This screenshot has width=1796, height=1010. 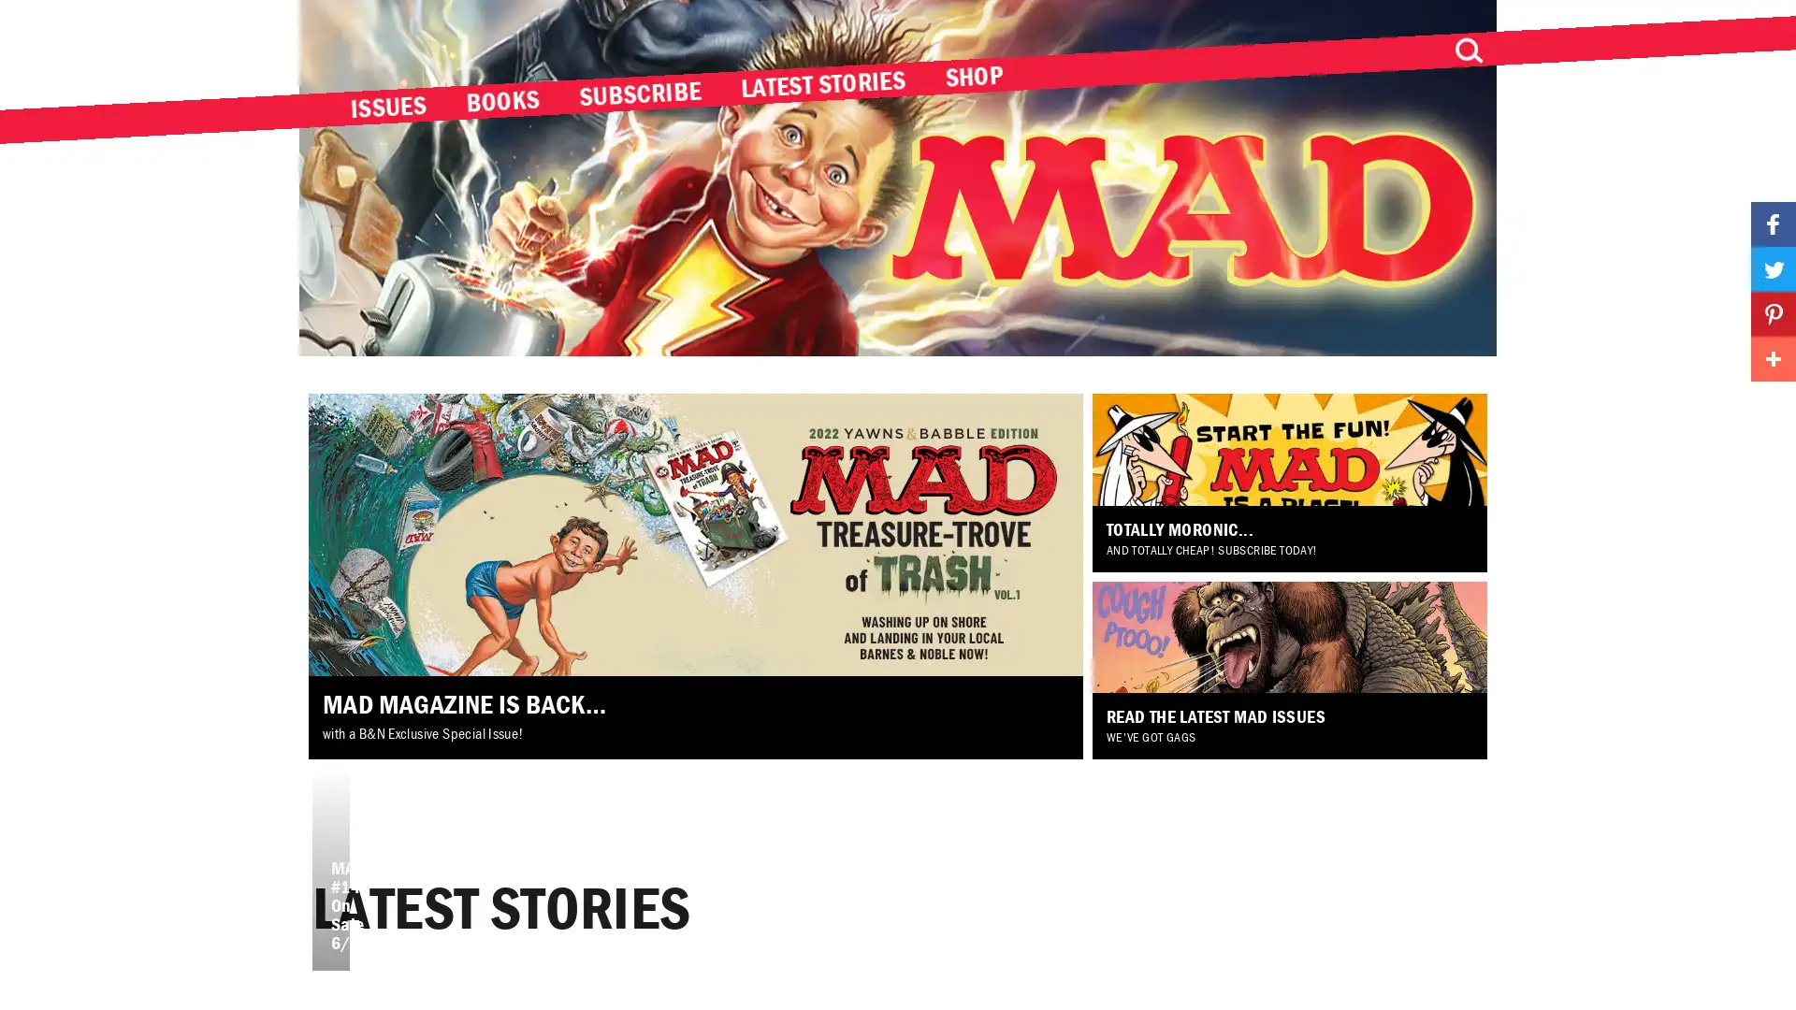 What do you see at coordinates (1467, 50) in the screenshot?
I see `go` at bounding box center [1467, 50].